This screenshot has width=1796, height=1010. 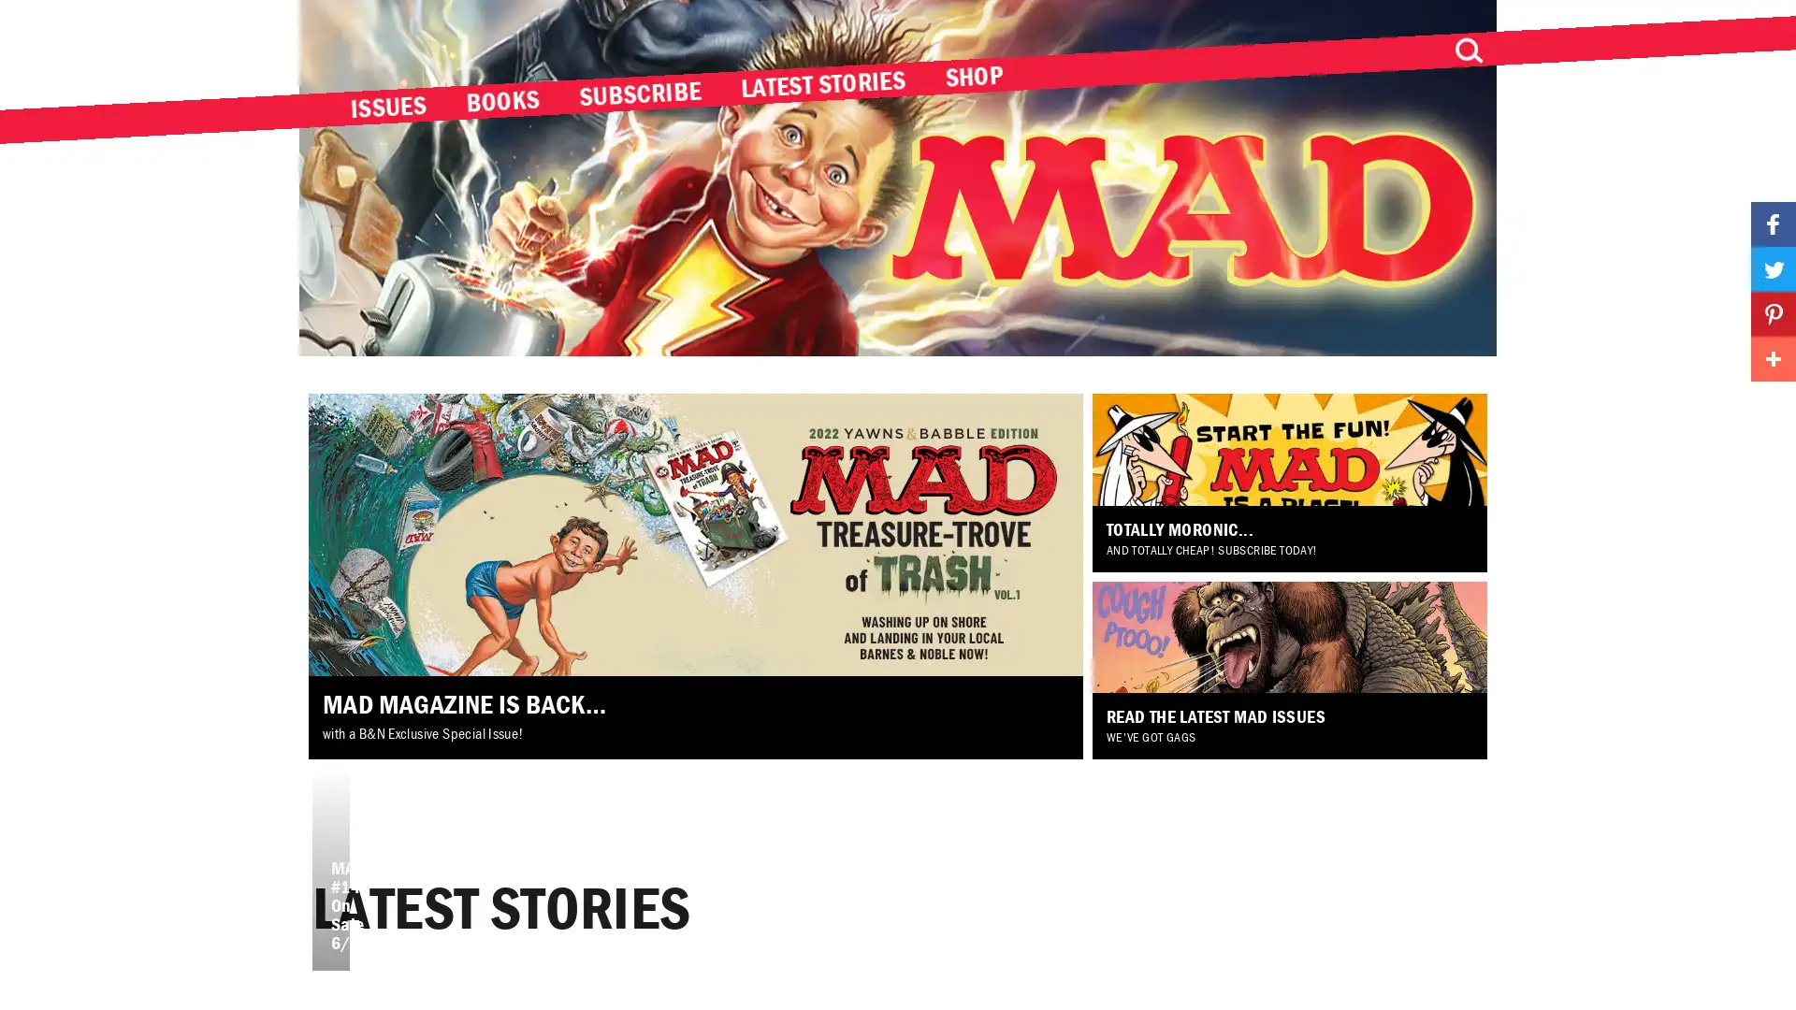 What do you see at coordinates (1467, 50) in the screenshot?
I see `go` at bounding box center [1467, 50].